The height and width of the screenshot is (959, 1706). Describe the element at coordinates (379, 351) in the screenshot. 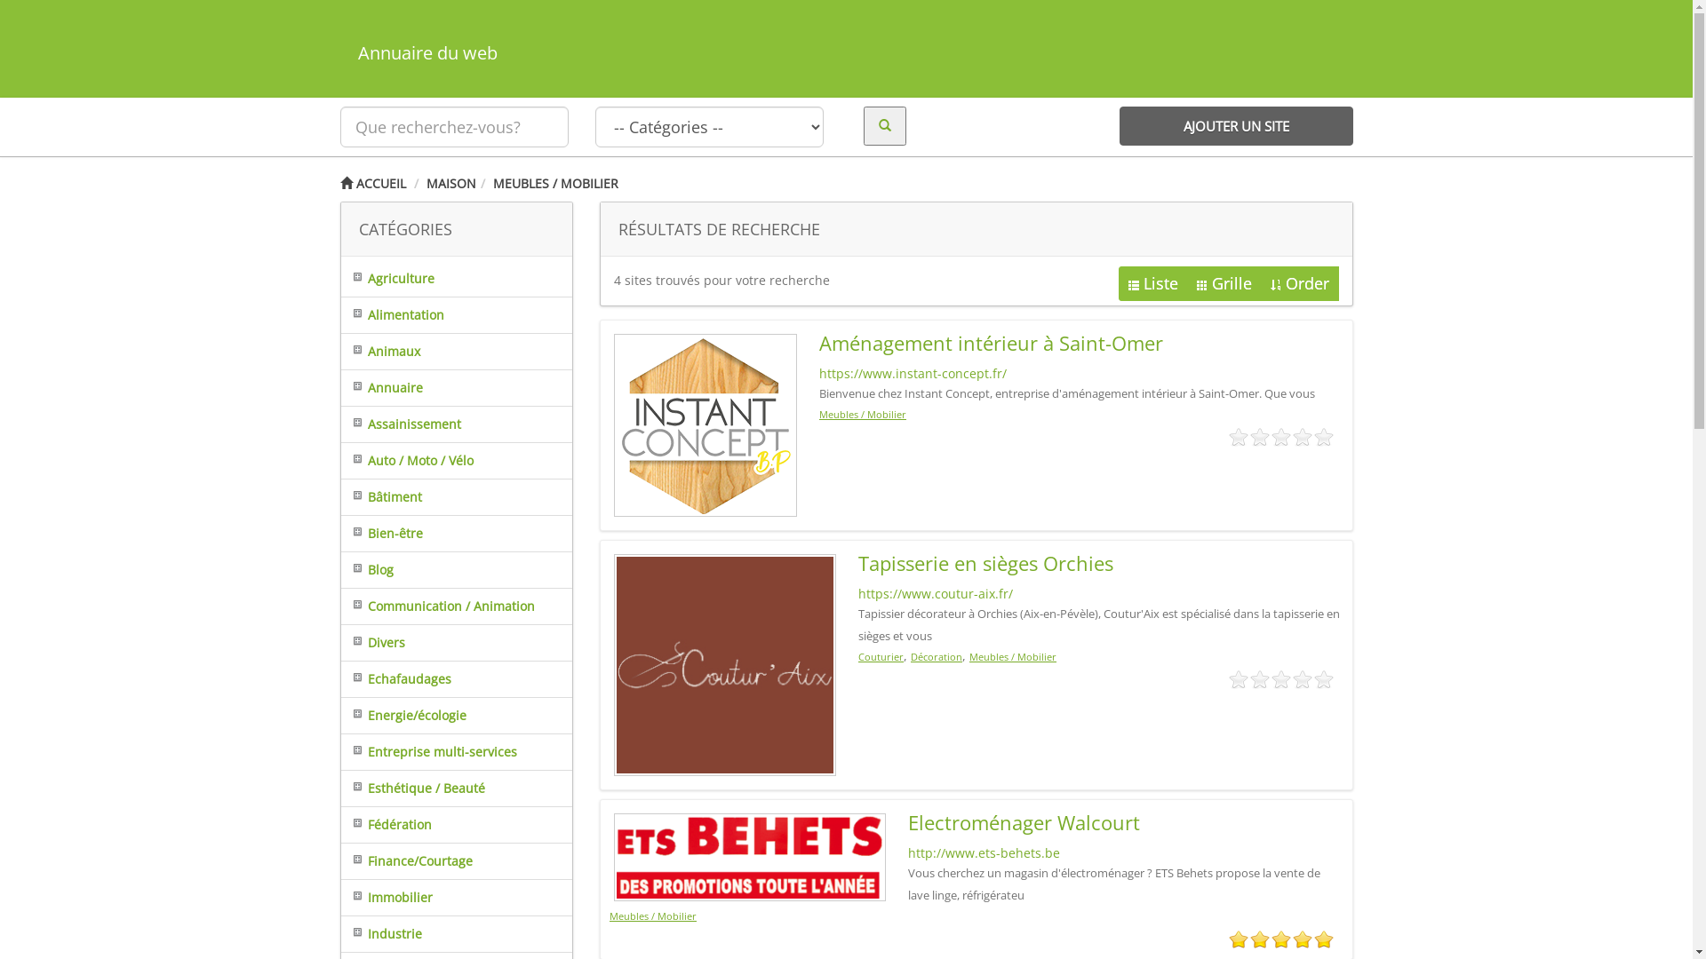

I see `'Animaux'` at that location.